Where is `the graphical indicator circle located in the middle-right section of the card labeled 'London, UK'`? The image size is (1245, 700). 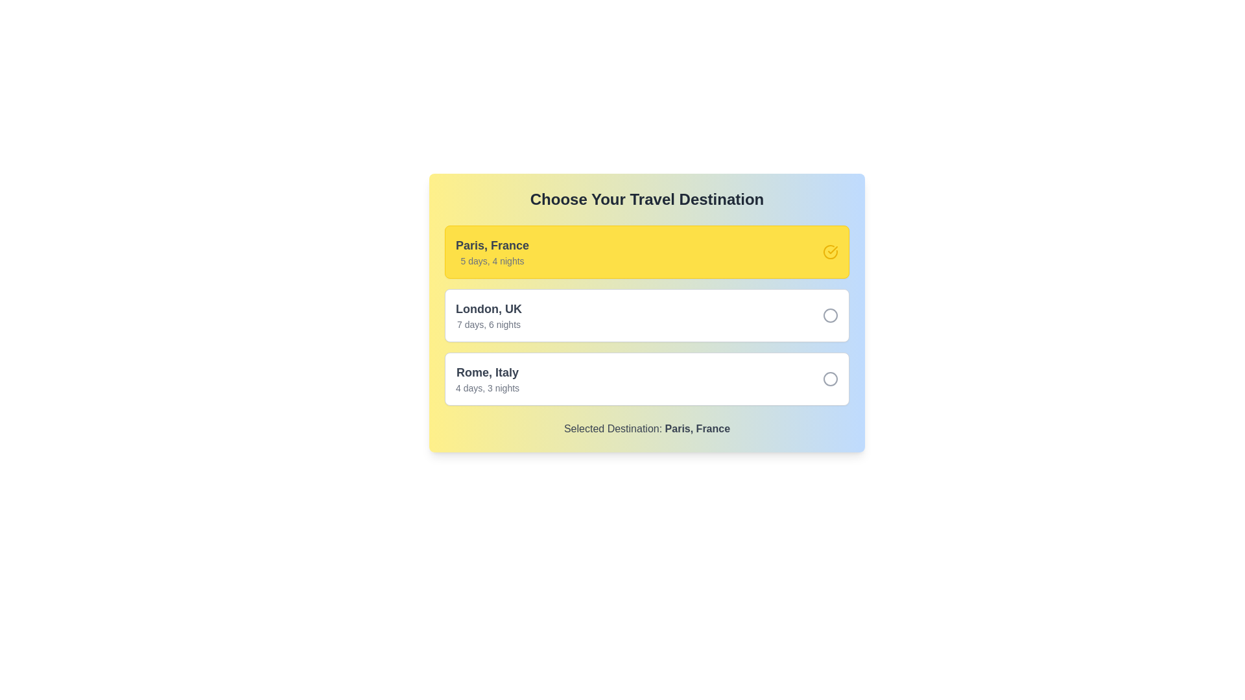 the graphical indicator circle located in the middle-right section of the card labeled 'London, UK' is located at coordinates (831, 315).